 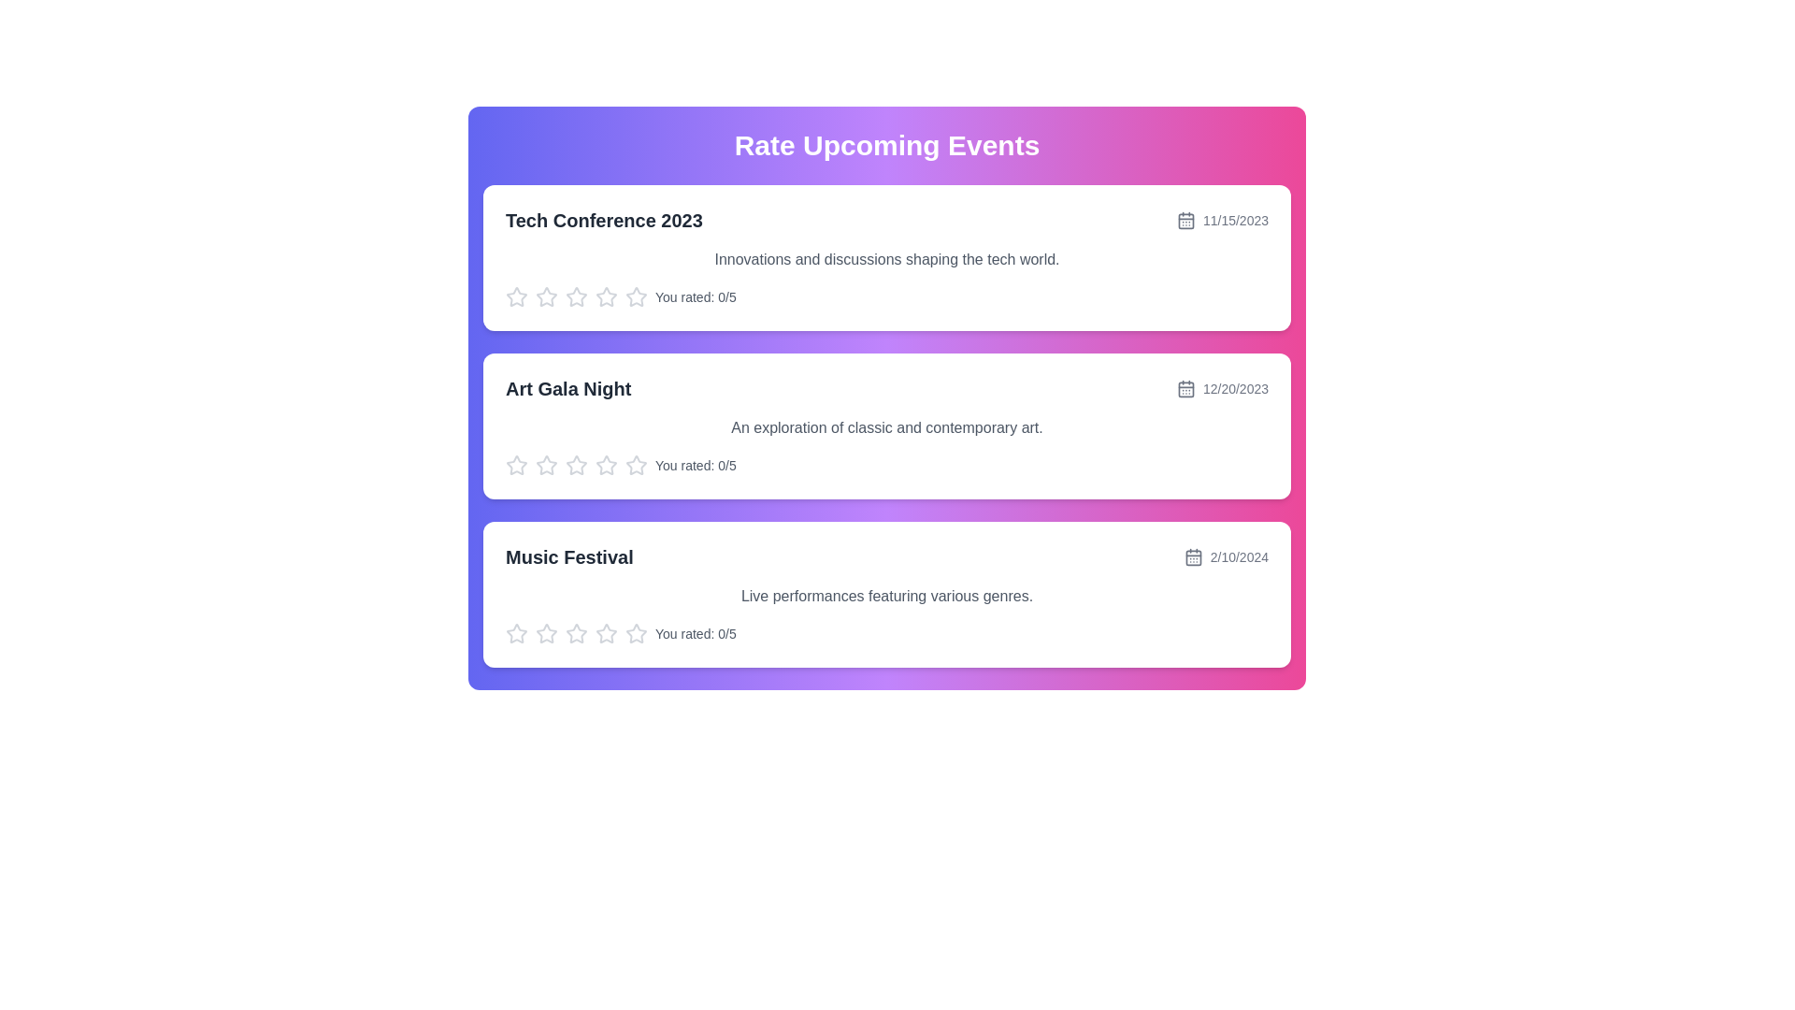 I want to click on text content summarizing the event within the 'Tech Conference 2023' card, located directly below the main title and date section, so click(x=886, y=259).